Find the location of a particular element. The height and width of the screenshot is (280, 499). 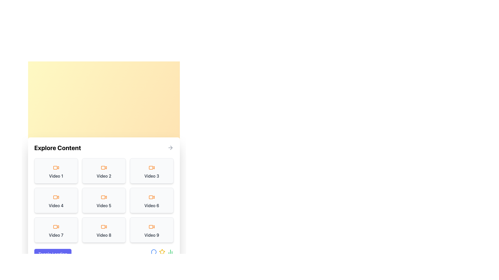

the Video Icon (Video Symbol) located at the ninth position is located at coordinates (150, 227).